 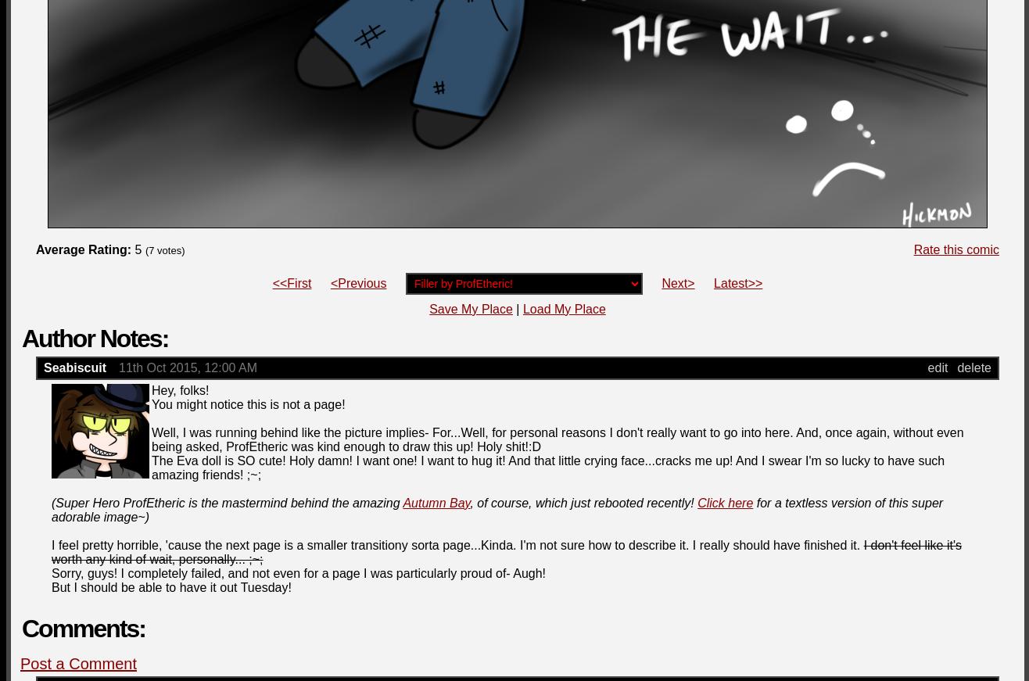 I want to click on 'Latest>>', so click(x=714, y=282).